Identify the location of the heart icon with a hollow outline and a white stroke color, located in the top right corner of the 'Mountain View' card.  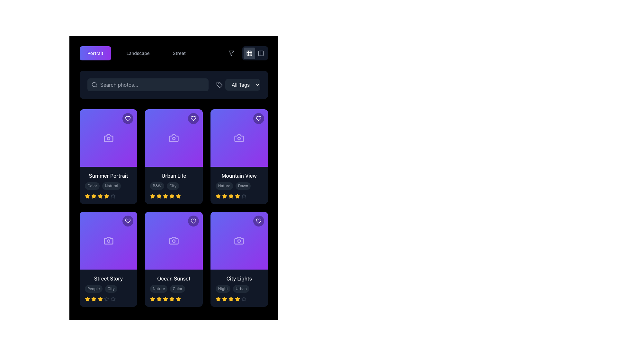
(259, 119).